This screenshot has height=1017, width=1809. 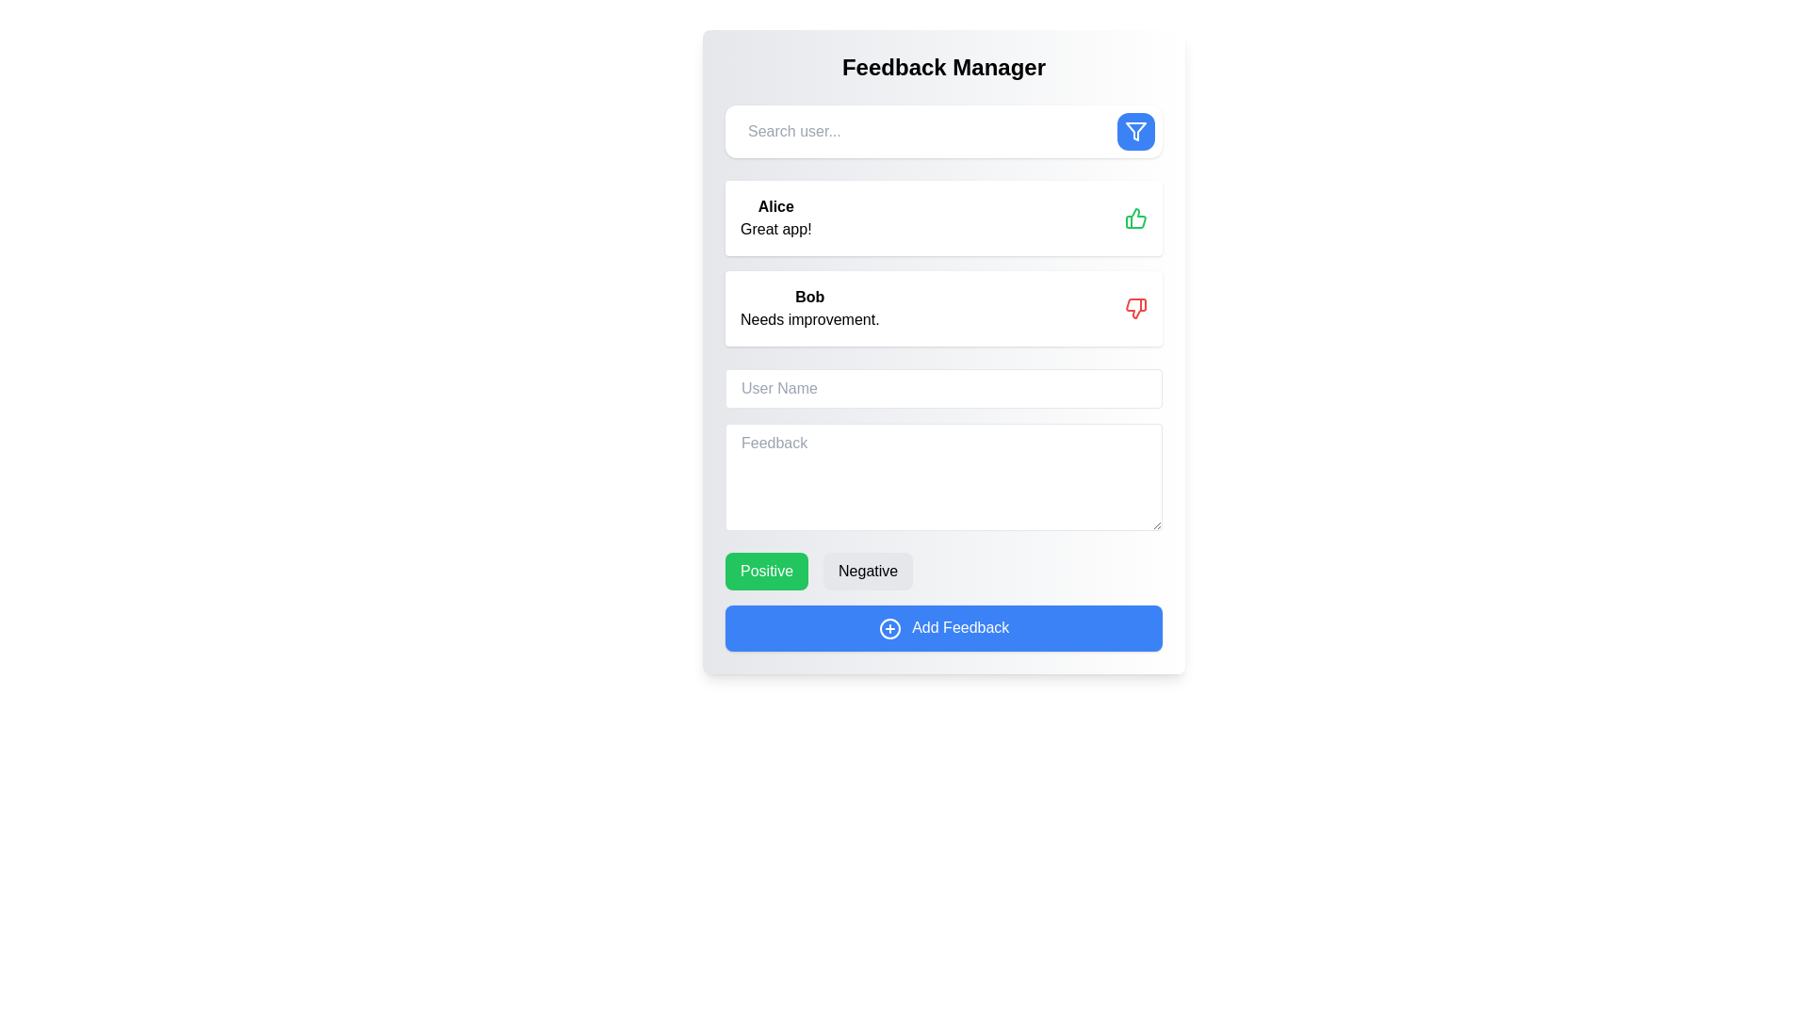 What do you see at coordinates (1134, 307) in the screenshot?
I see `the thumbs-down icon, which is styled in red and symbolizes disapproval, positioned to the far right of the text 'Bob Needs improvement.'` at bounding box center [1134, 307].